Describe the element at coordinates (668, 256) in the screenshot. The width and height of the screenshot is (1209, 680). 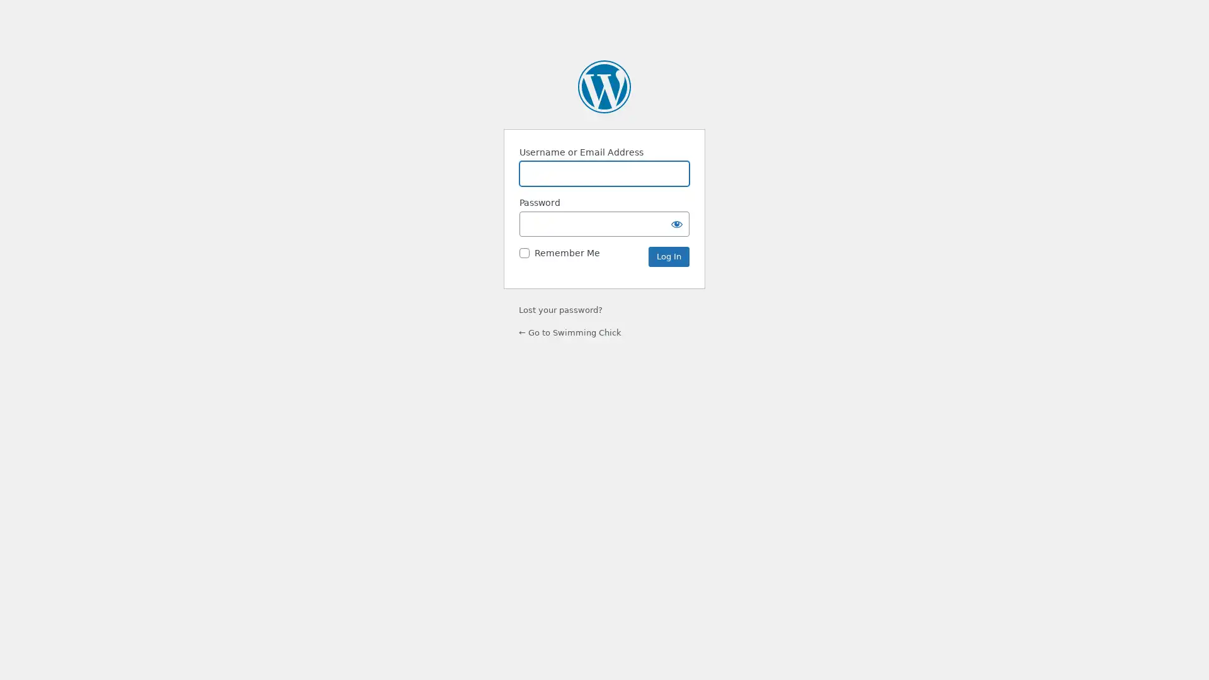
I see `Log In` at that location.